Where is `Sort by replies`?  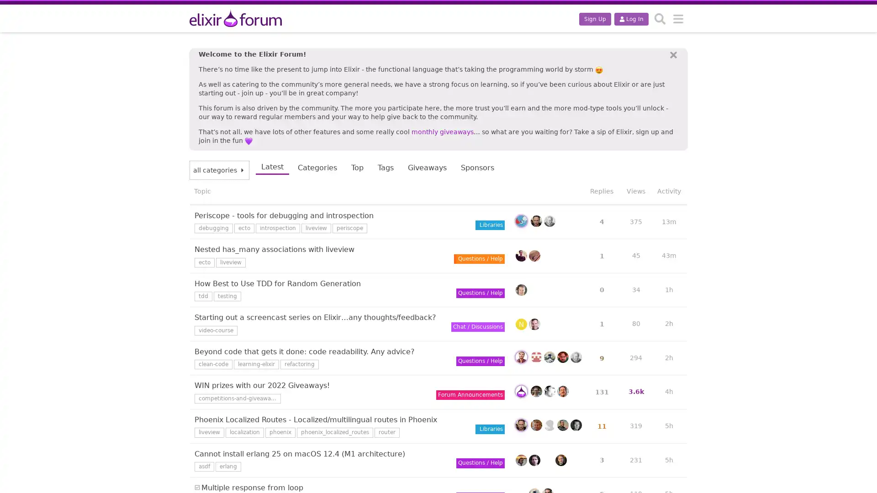 Sort by replies is located at coordinates (485, 414).